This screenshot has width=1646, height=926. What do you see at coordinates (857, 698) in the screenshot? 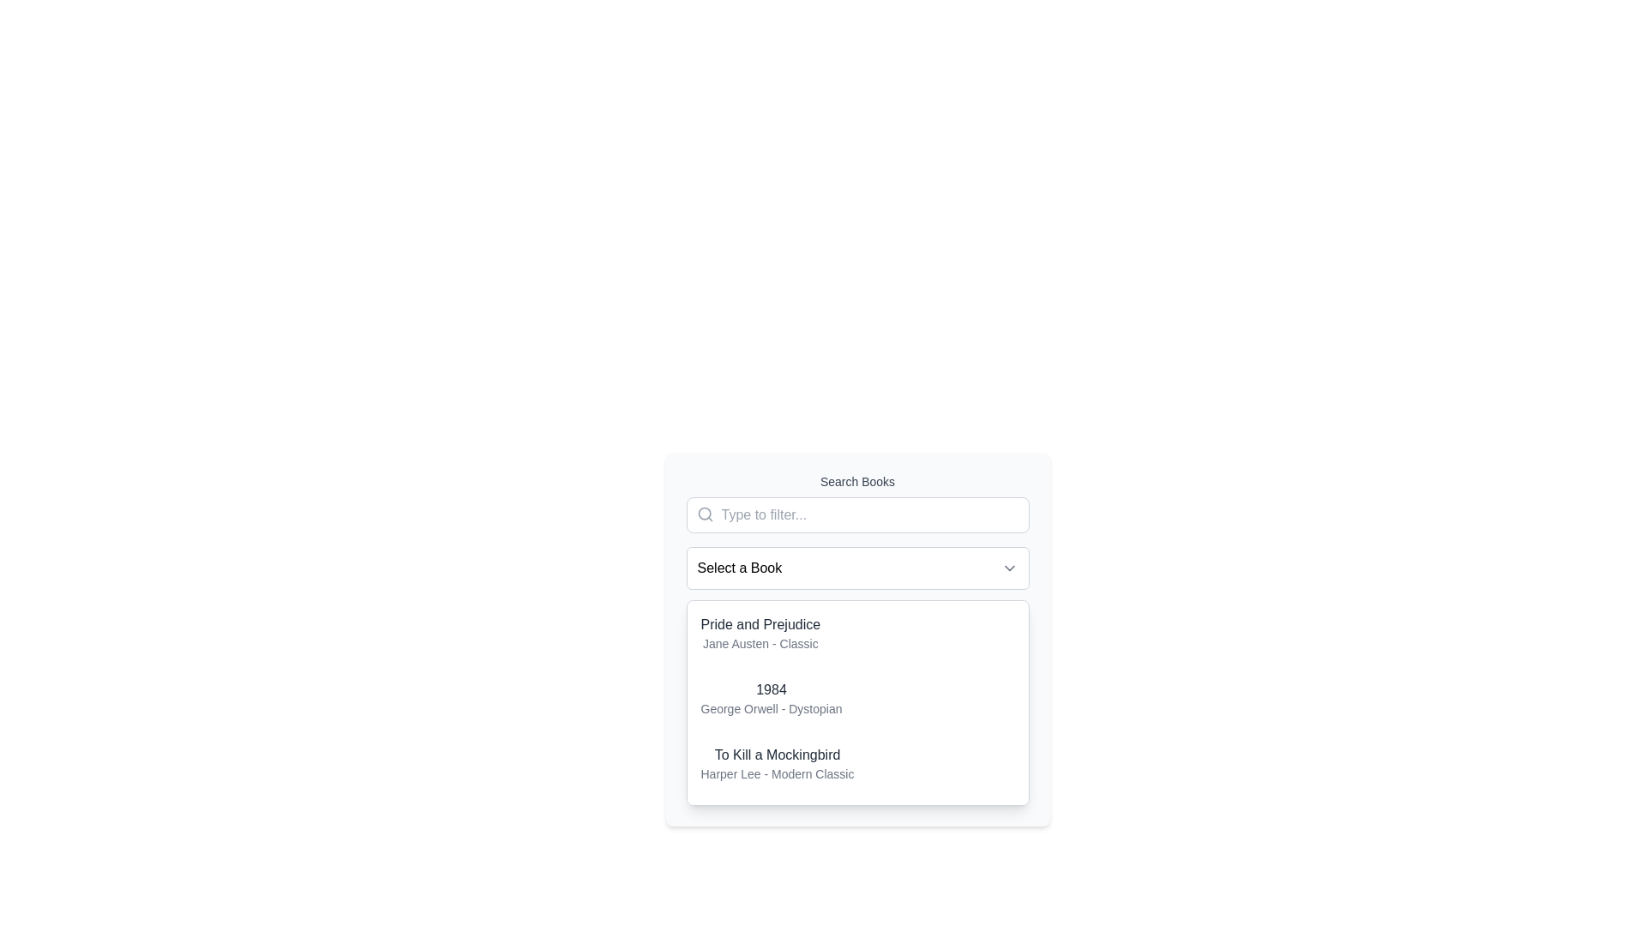
I see `the second book title in the dropdown menu, which is positioned between 'Pride and Prejudice, Jane Austen - Classic' and 'To Kill a Mockingbird, Harper Lee - Modern Classic'` at bounding box center [857, 698].